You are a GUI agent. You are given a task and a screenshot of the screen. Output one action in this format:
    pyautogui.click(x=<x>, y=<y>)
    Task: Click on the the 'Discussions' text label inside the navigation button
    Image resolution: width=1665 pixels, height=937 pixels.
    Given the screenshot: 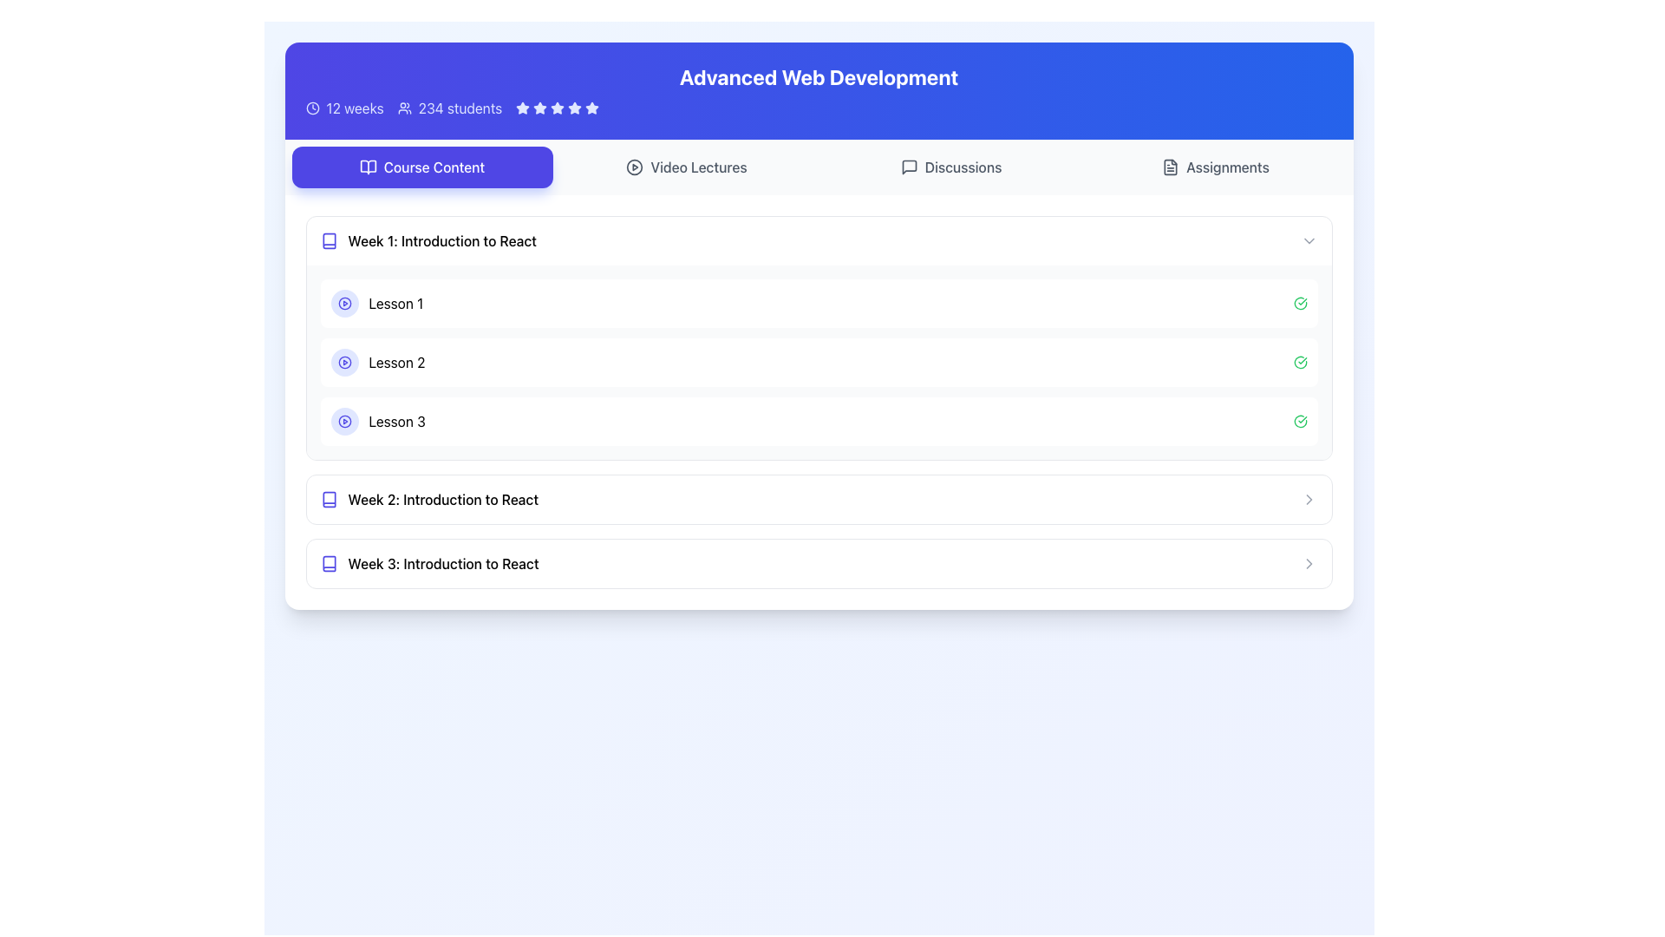 What is the action you would take?
    pyautogui.click(x=962, y=167)
    